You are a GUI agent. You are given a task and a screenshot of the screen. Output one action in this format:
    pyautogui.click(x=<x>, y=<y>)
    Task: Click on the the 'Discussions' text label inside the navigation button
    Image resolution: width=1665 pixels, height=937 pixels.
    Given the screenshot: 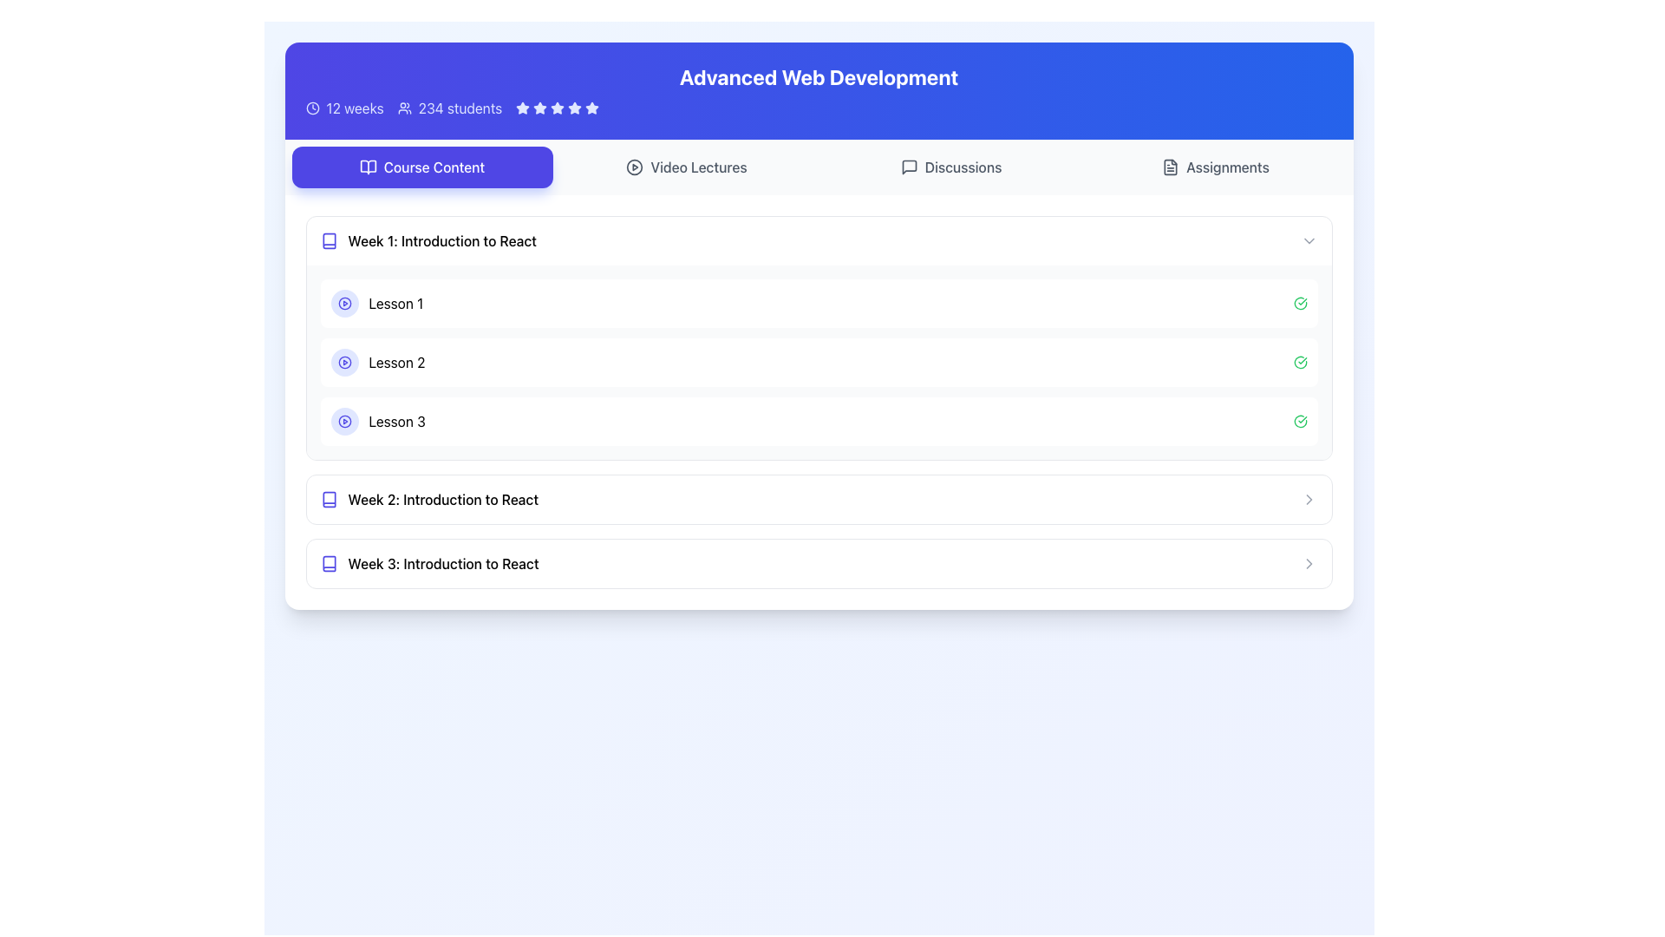 What is the action you would take?
    pyautogui.click(x=962, y=167)
    